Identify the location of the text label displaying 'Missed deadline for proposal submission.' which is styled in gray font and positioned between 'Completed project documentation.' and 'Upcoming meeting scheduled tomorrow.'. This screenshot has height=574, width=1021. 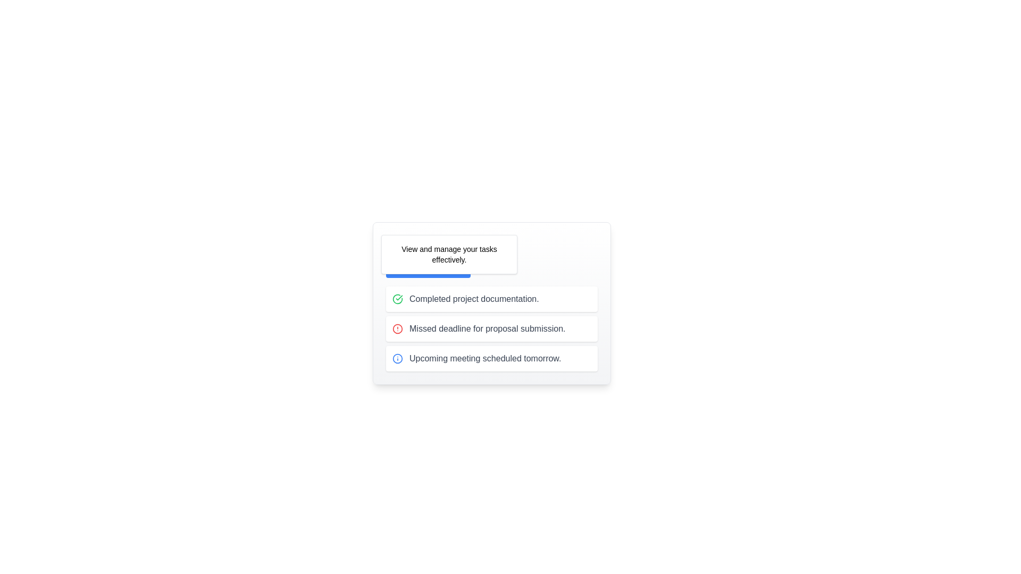
(487, 328).